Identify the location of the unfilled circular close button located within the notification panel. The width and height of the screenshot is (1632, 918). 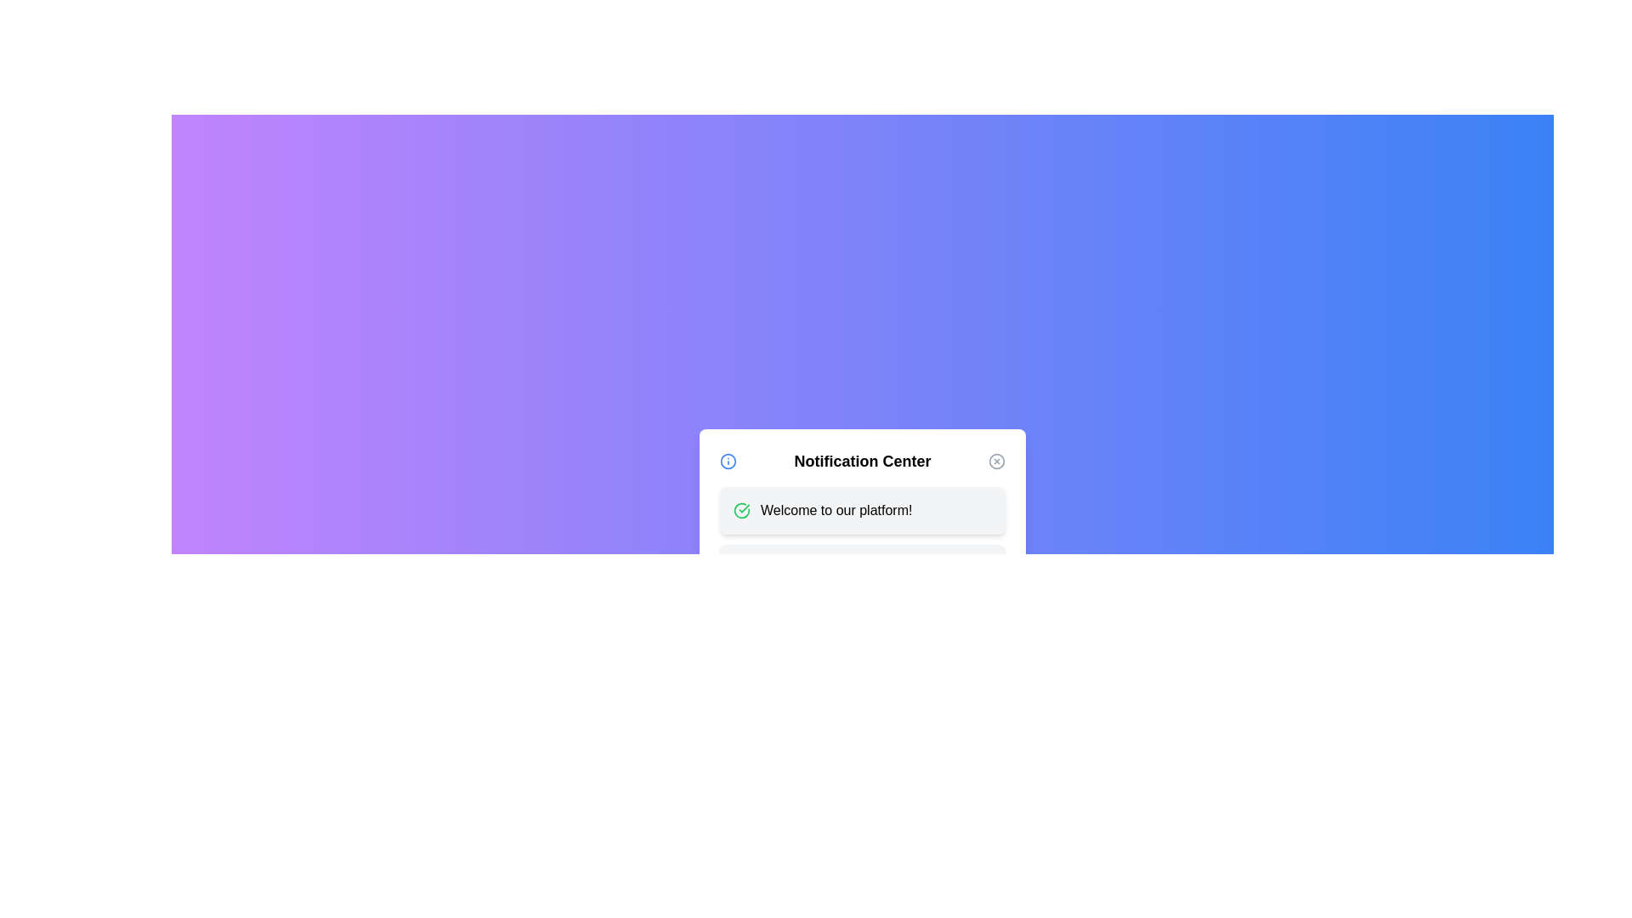
(996, 462).